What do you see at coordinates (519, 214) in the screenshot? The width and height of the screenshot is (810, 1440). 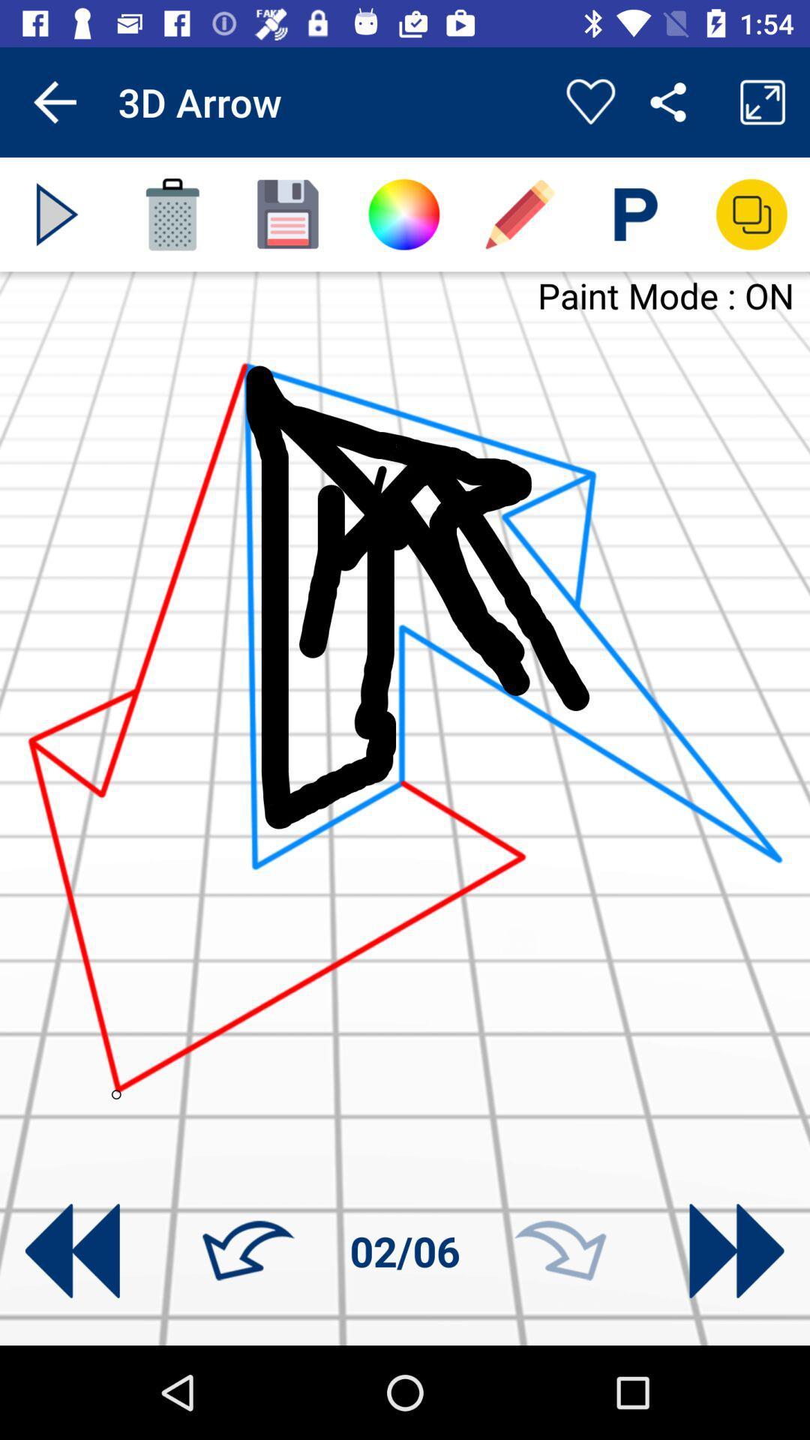 I see `the edit icon` at bounding box center [519, 214].